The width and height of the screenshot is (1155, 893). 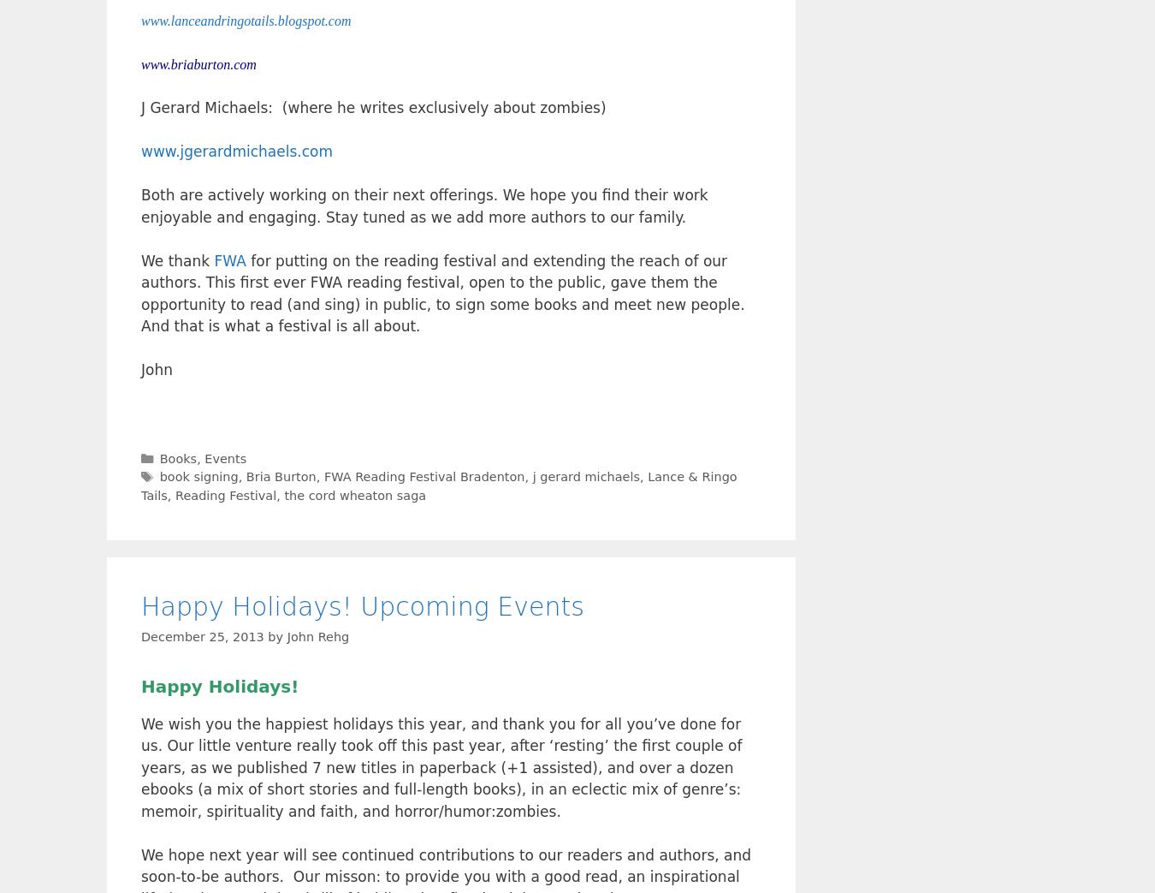 What do you see at coordinates (423, 205) in the screenshot?
I see `'Both are actively working on their next offerings. We hope you find their work enjoyable and engaging. Stay tuned as we add more authors to our family.'` at bounding box center [423, 205].